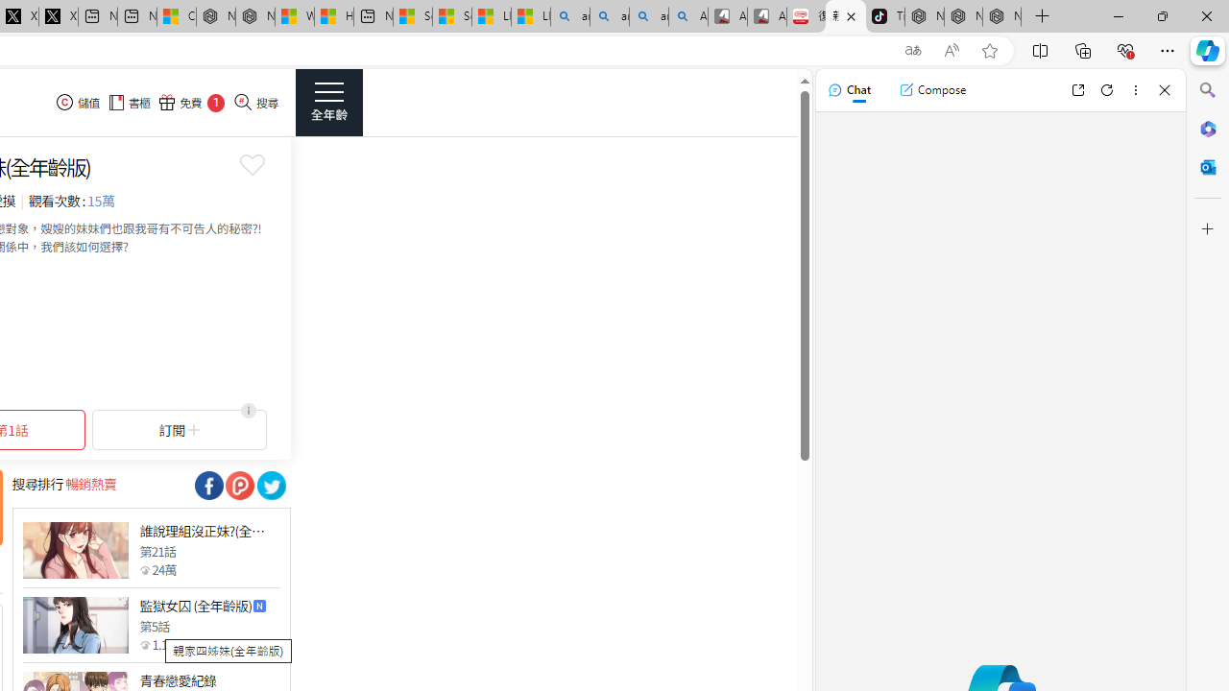 This screenshot has width=1229, height=691. What do you see at coordinates (334, 16) in the screenshot?
I see `'Huge shark washes ashore at New York City beach | Watch'` at bounding box center [334, 16].